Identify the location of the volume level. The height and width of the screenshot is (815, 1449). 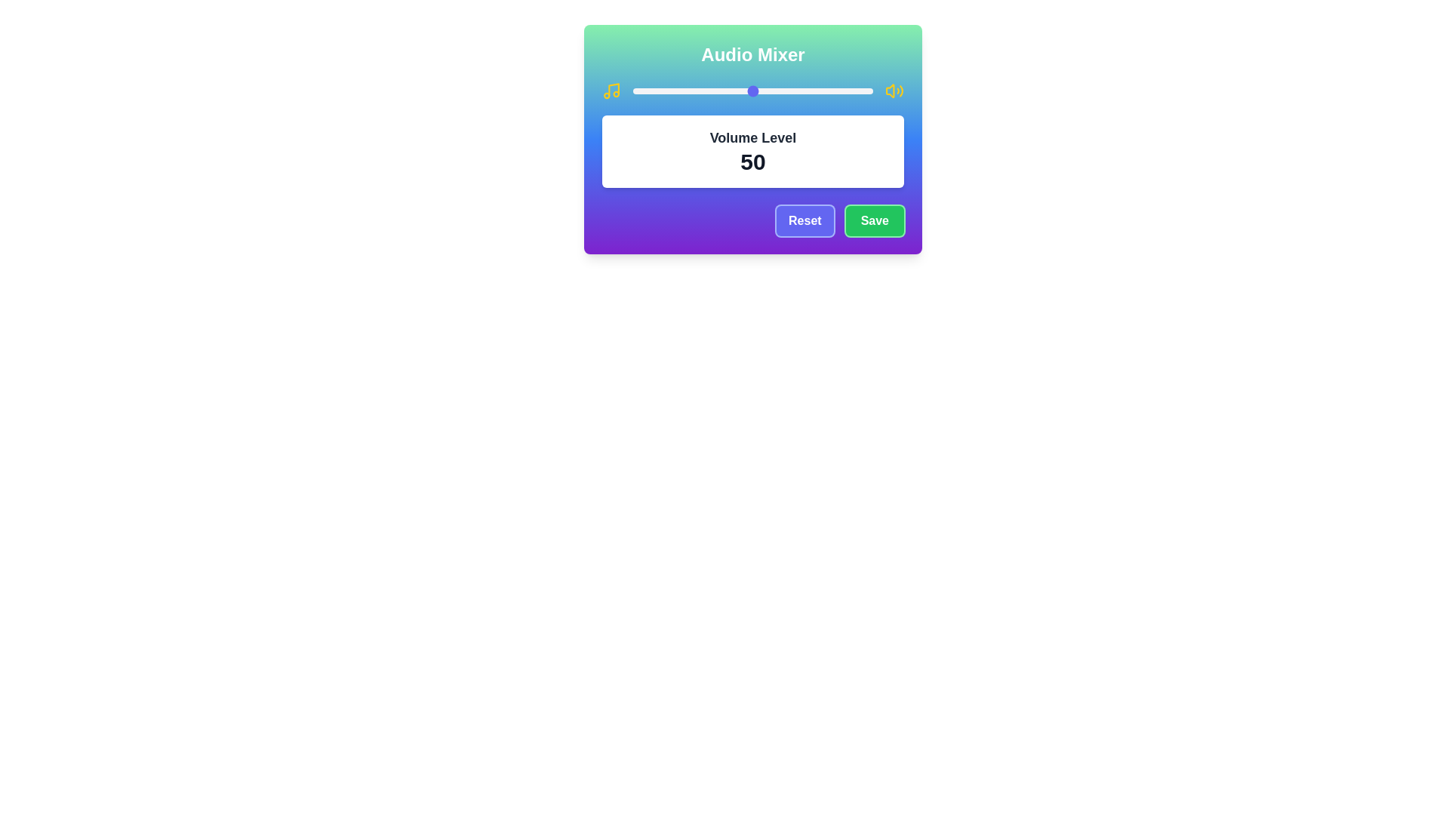
(706, 91).